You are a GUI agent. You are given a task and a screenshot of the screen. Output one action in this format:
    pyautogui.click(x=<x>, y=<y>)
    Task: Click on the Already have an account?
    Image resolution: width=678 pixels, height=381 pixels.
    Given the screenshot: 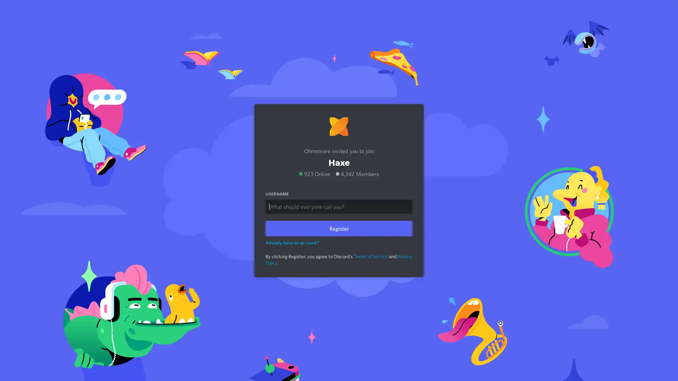 What is the action you would take?
    pyautogui.click(x=292, y=242)
    